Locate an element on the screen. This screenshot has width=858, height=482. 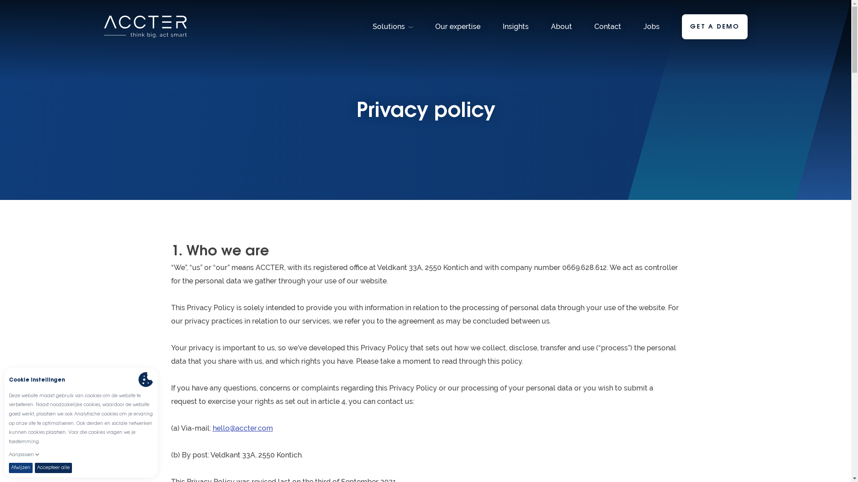
'Jobs' is located at coordinates (652, 26).